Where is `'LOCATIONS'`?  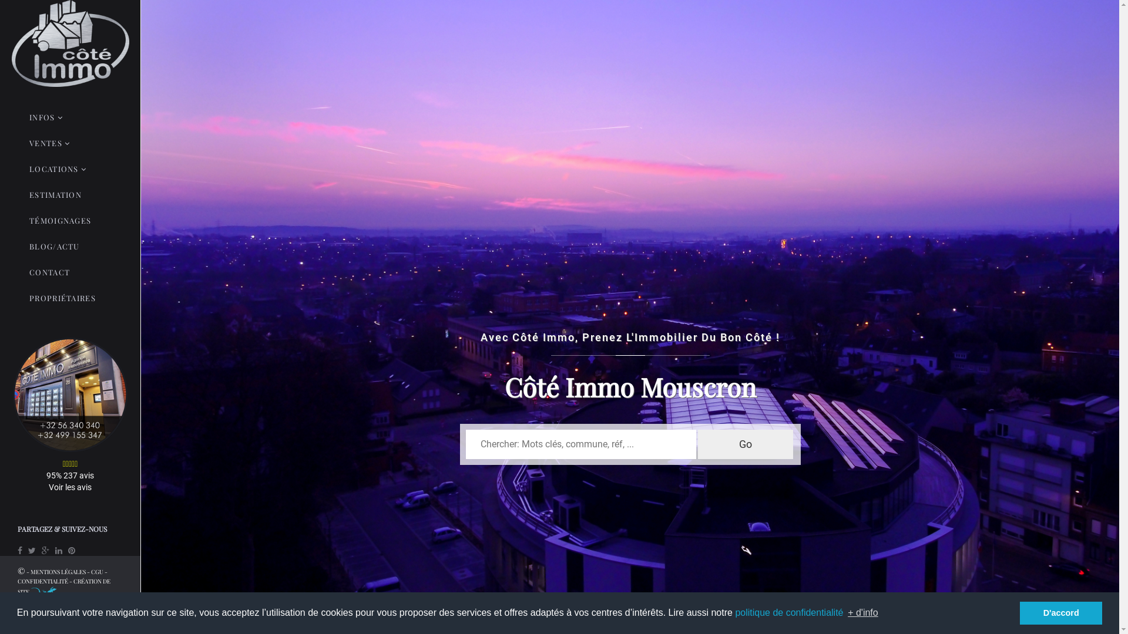 'LOCATIONS' is located at coordinates (57, 168).